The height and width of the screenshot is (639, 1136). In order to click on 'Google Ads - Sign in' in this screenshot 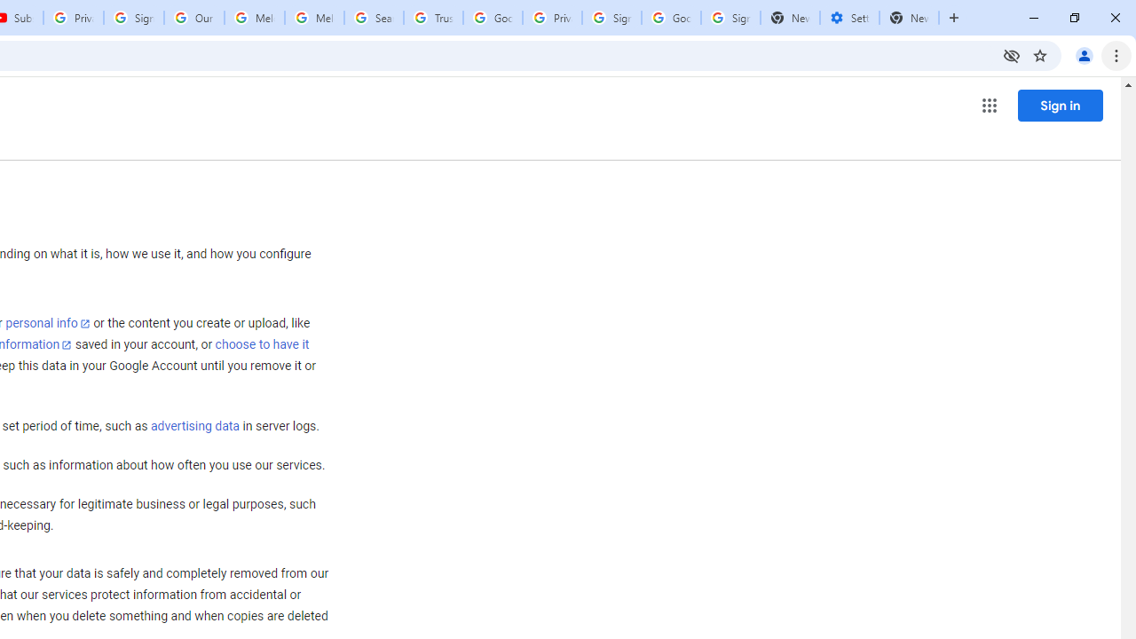, I will do `click(493, 18)`.